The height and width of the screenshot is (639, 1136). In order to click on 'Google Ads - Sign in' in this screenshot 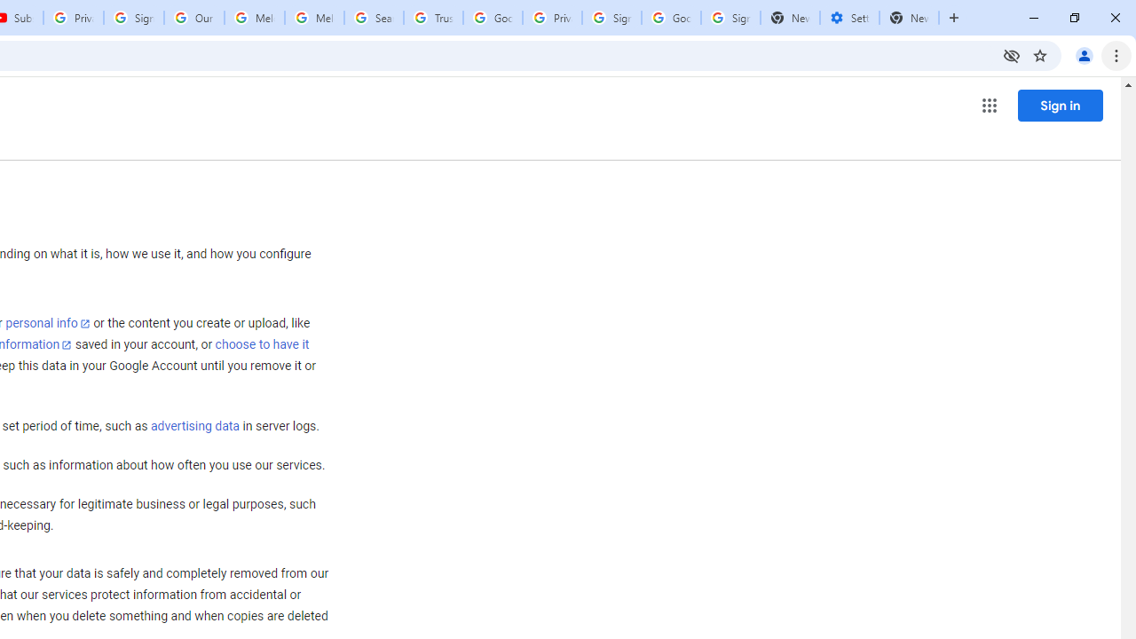, I will do `click(493, 18)`.